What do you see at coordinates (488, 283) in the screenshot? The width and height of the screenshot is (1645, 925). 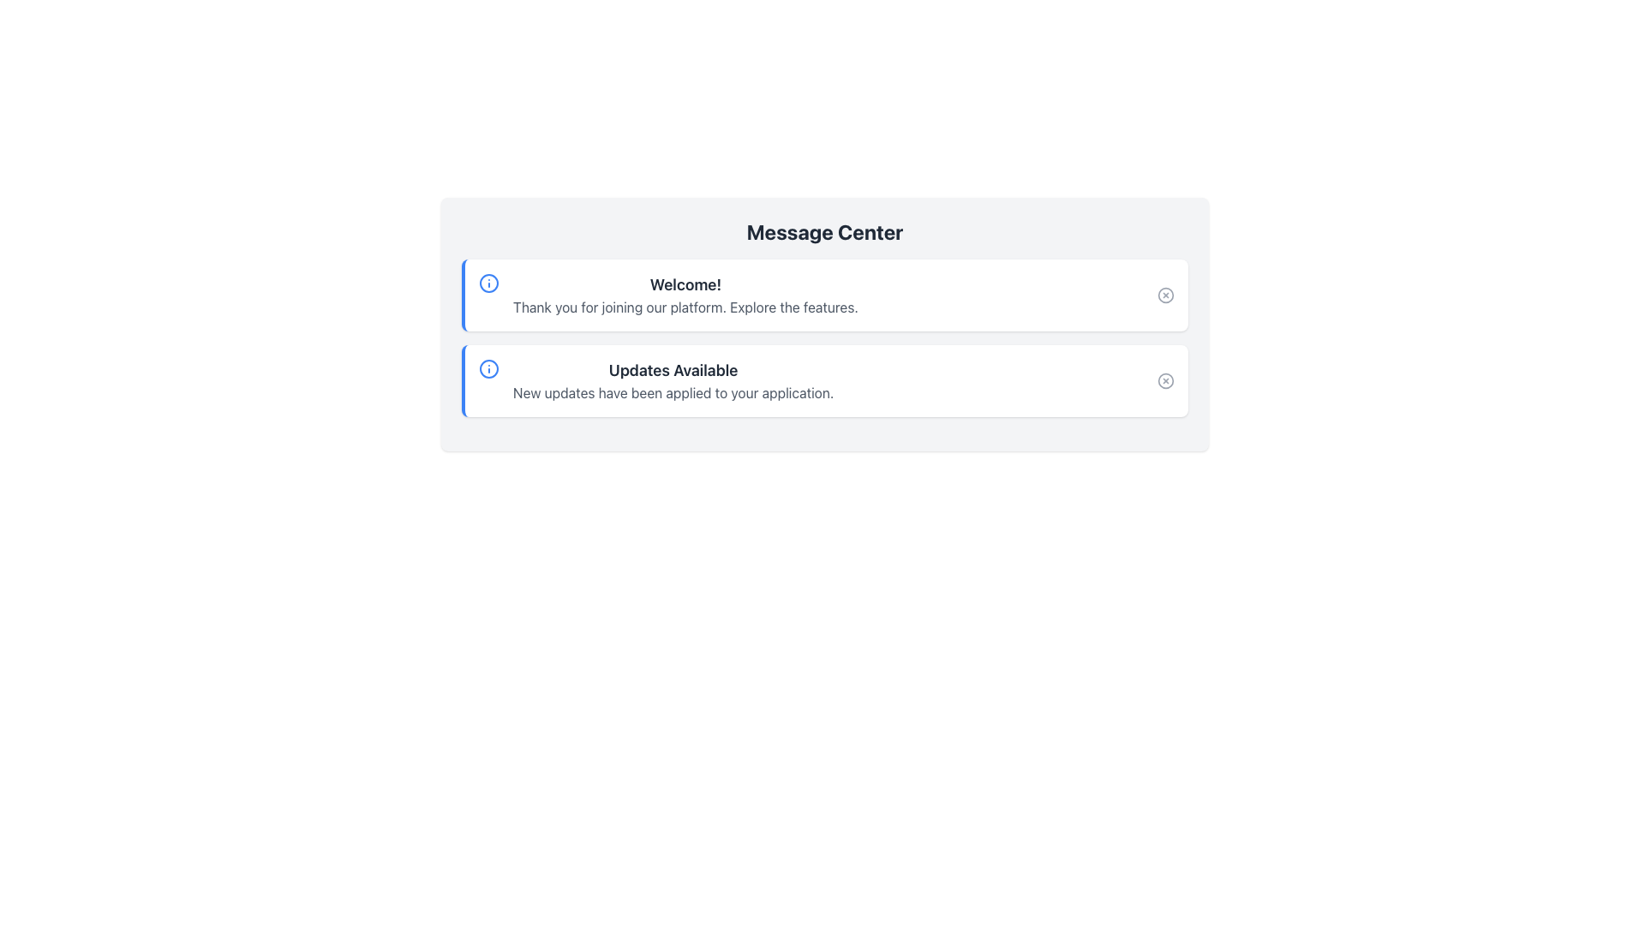 I see `the SVG Circle element that forms part of the information symbol in the first notification card of the Message Center` at bounding box center [488, 283].